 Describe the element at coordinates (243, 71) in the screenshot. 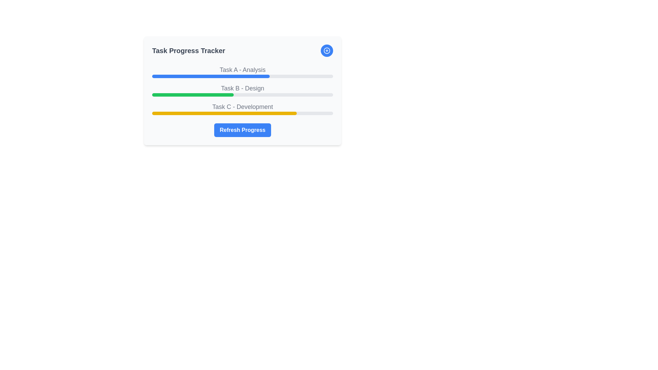

I see `task description of the progress indicator labeled 'Task A - Analysis' located at the top of the vertical list of task progress indicators` at that location.